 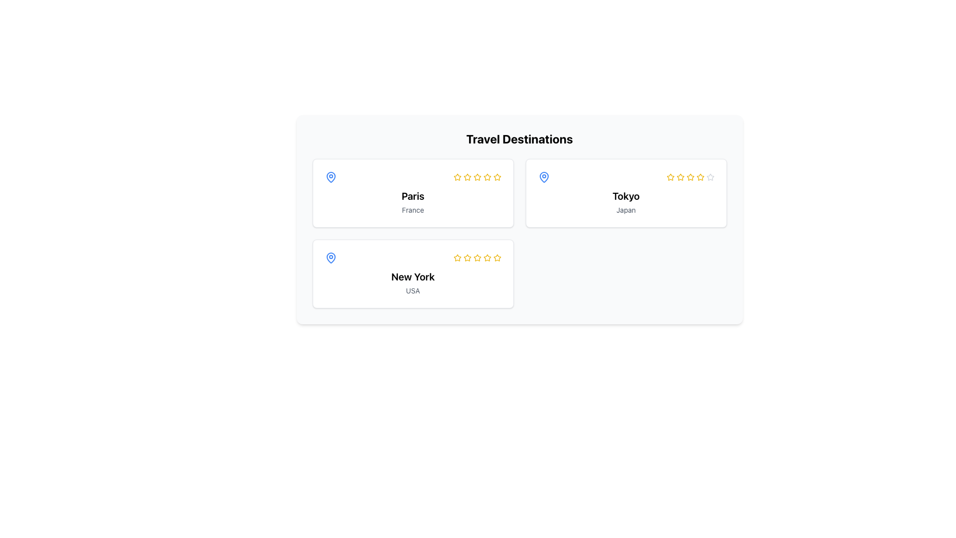 What do you see at coordinates (413, 196) in the screenshot?
I see `the 'Paris' title text in the first destination card, which is centrally aligned above the subtitle 'France'` at bounding box center [413, 196].